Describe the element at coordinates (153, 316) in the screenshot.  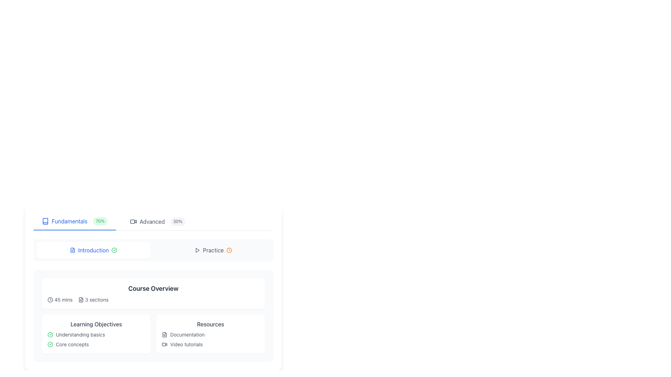
I see `the content section titled 'Course Overview', which includes two columns: 'Learning Objectives' with green check icons and 'Resources' with respective icons, located in the lower middle of the interface` at that location.